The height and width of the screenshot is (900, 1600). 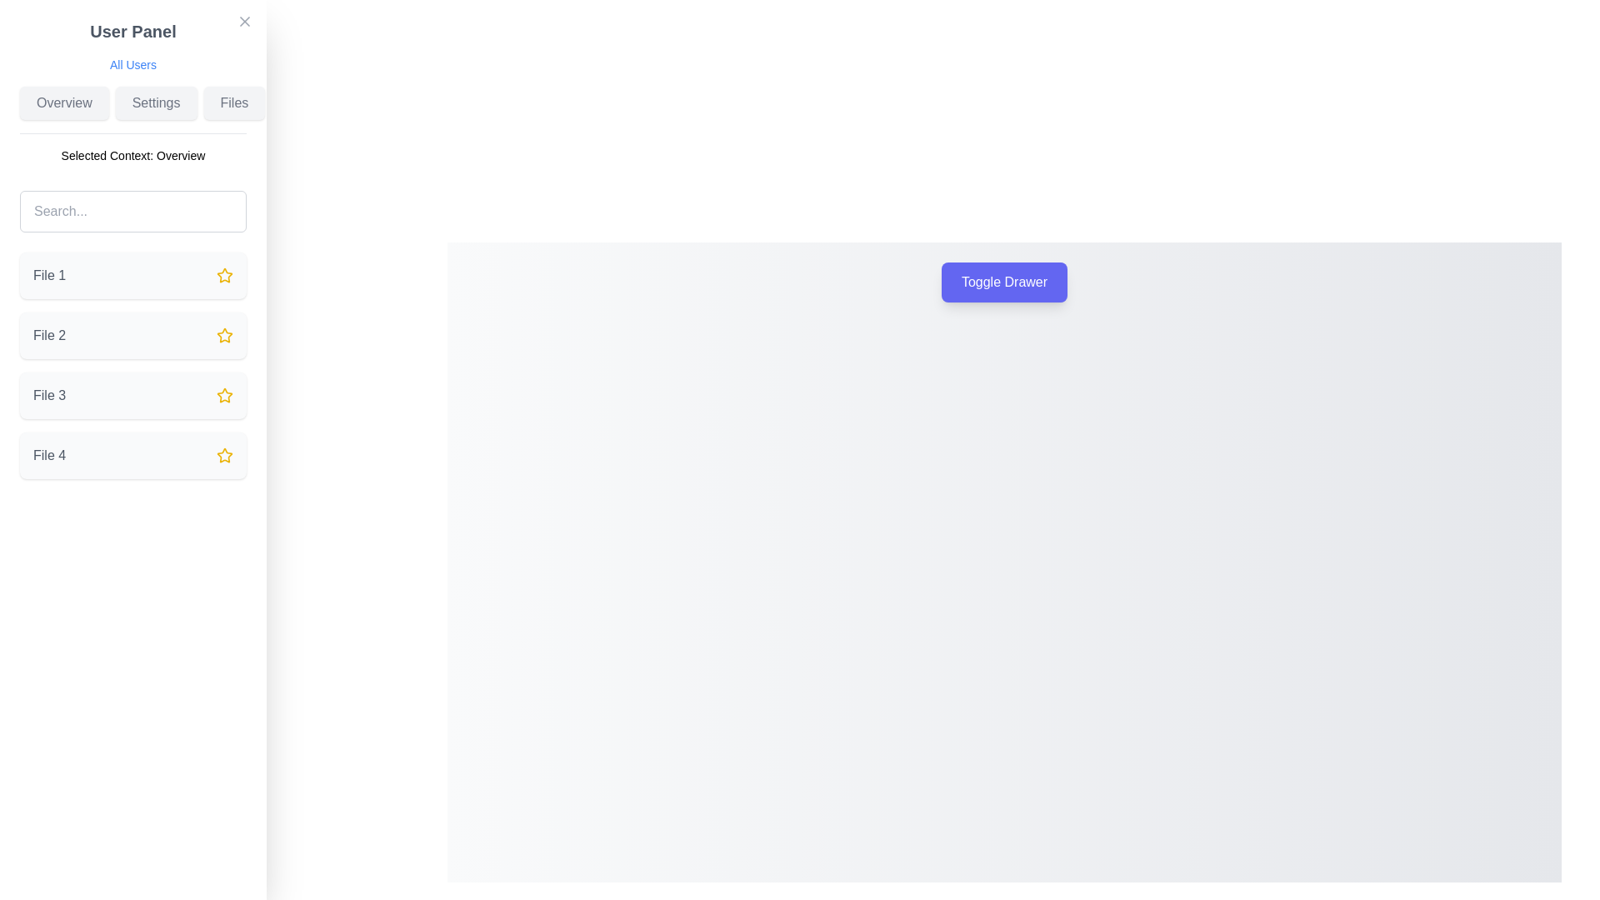 What do you see at coordinates (223, 395) in the screenshot?
I see `the star icon located to the right of the 'File 3' label in the 'Files' section` at bounding box center [223, 395].